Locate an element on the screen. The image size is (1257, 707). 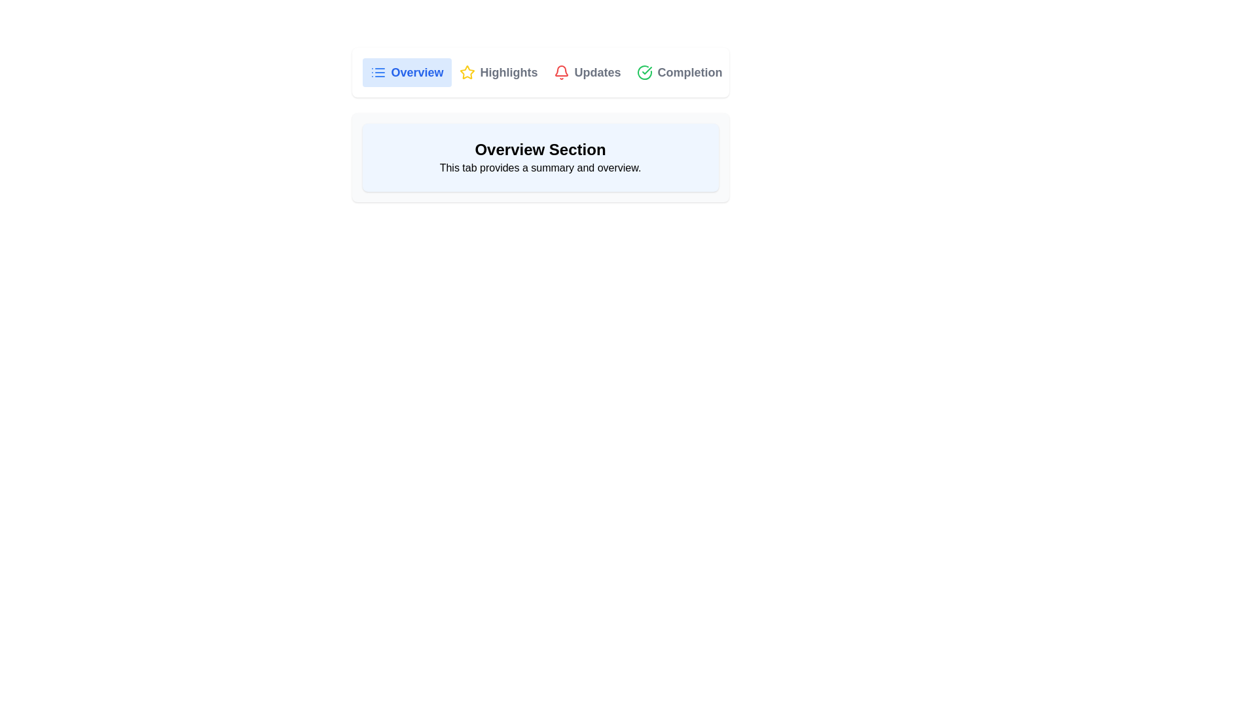
the bell icon in the navigation bar to interact with notifications related to the 'Updates' section is located at coordinates (561, 73).